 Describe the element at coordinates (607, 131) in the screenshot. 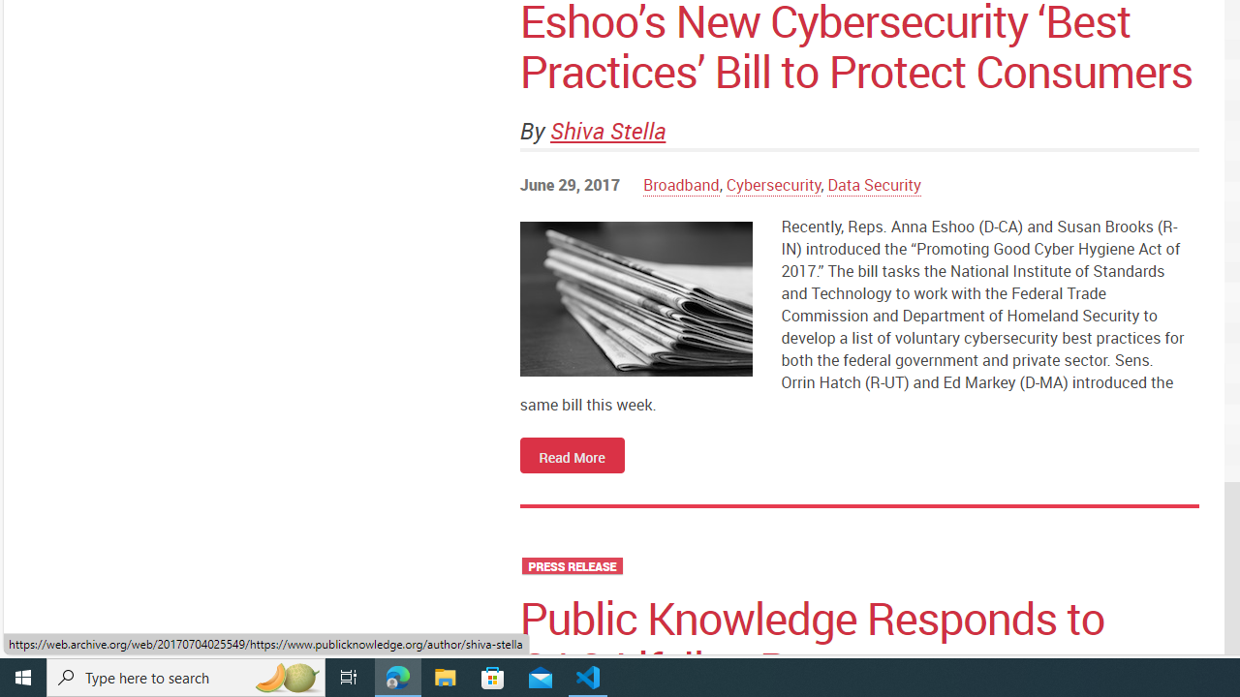

I see `'Shiva Stella'` at that location.